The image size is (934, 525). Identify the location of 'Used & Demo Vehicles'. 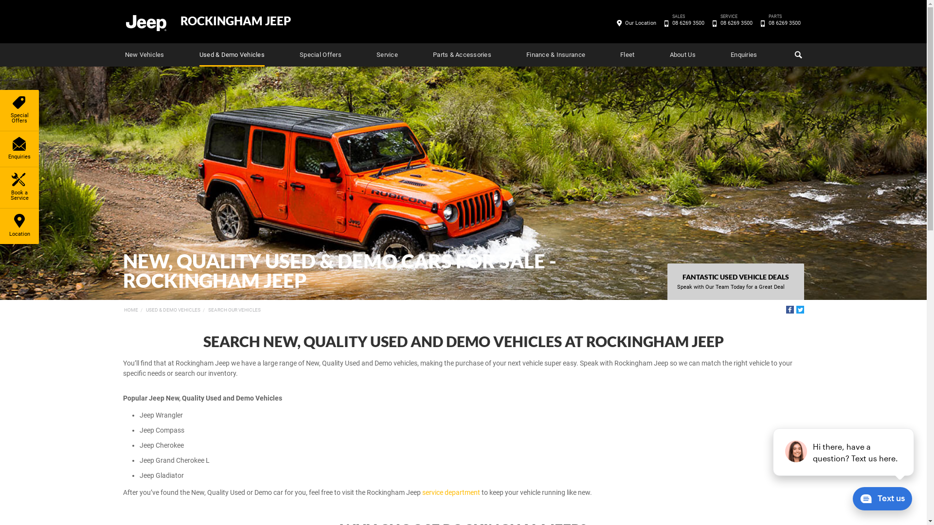
(231, 54).